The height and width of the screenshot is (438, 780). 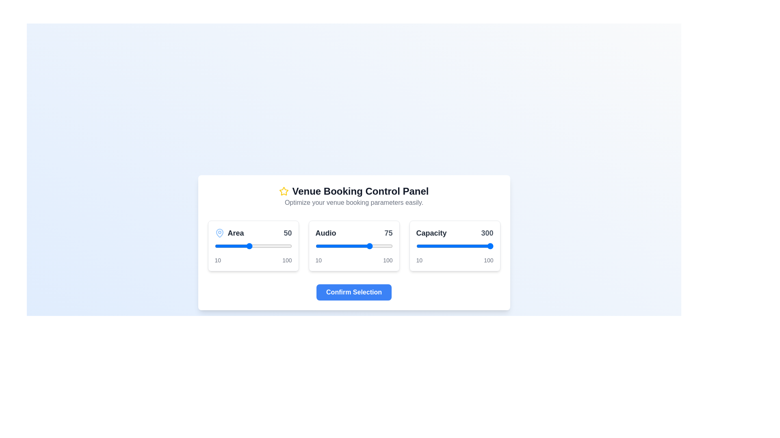 I want to click on the audio level, so click(x=330, y=245).